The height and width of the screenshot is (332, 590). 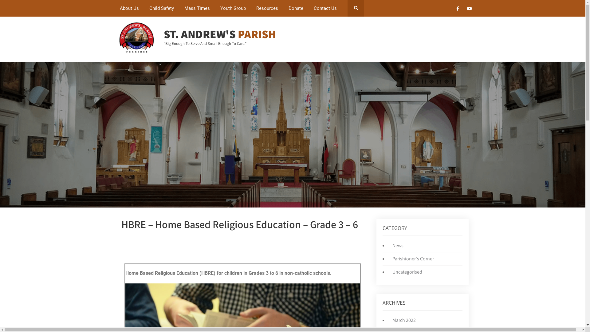 I want to click on 'Parishioner's Corner', so click(x=411, y=259).